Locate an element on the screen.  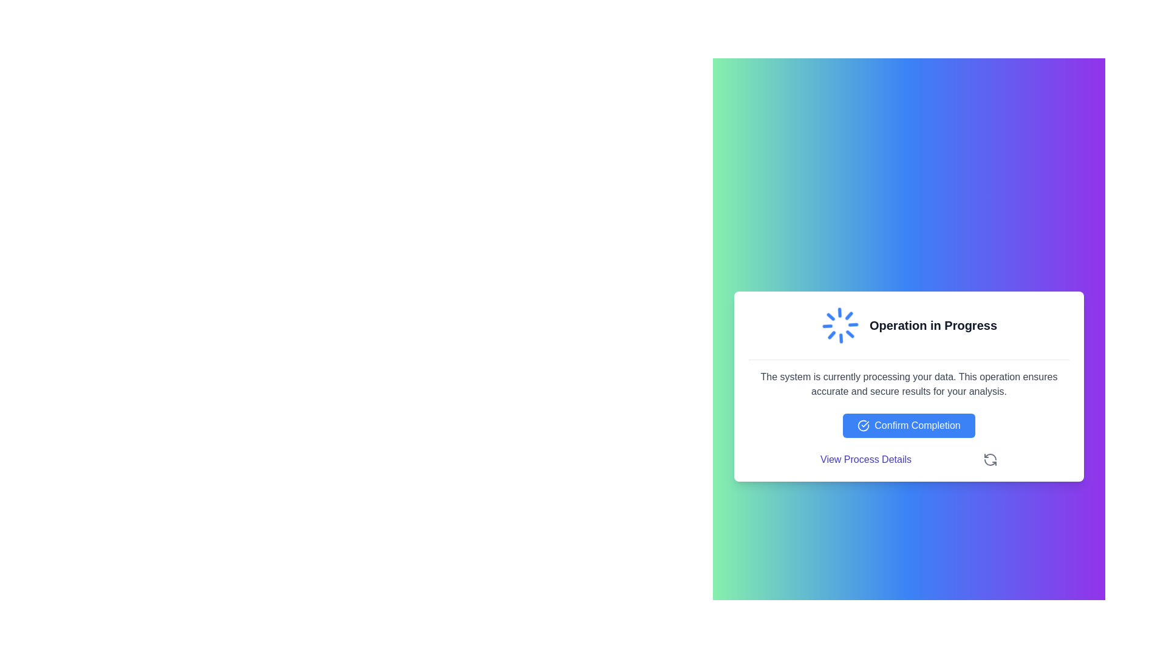
the decorative graphic segment of the circular spinner located in the top-left quadrant, which indicates loading or processing is located at coordinates (850, 332).